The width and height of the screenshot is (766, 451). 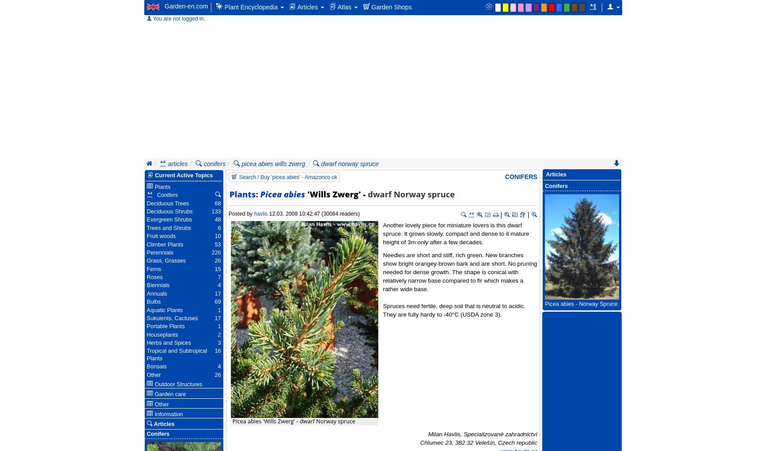 What do you see at coordinates (282, 194) in the screenshot?
I see `'Picea abies'` at bounding box center [282, 194].